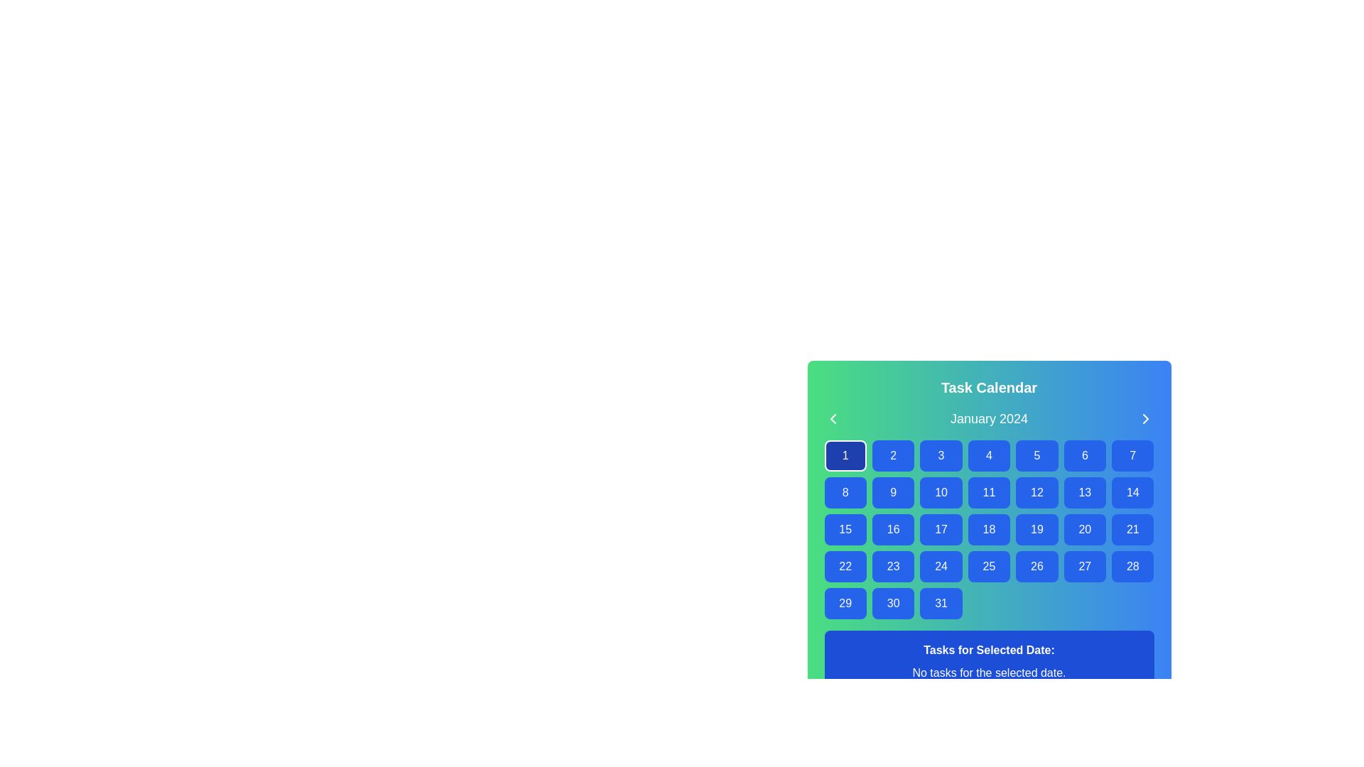 The width and height of the screenshot is (1364, 767). I want to click on the blue button displaying the number '19' in the third row, fifth column under the 'Task Calendar' heading for January 2024, so click(1036, 529).